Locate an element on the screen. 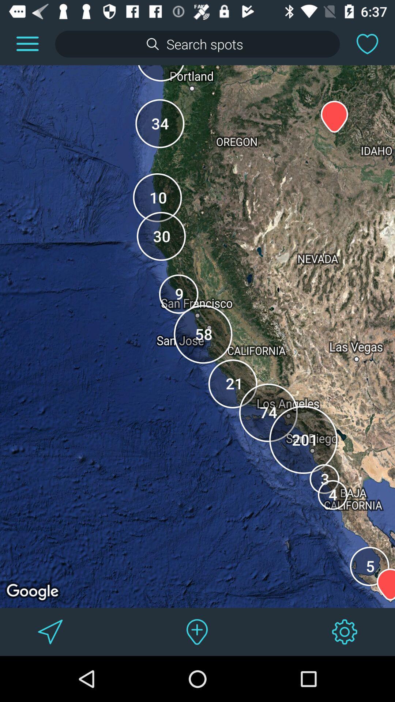 Image resolution: width=395 pixels, height=702 pixels. get directions is located at coordinates (50, 631).